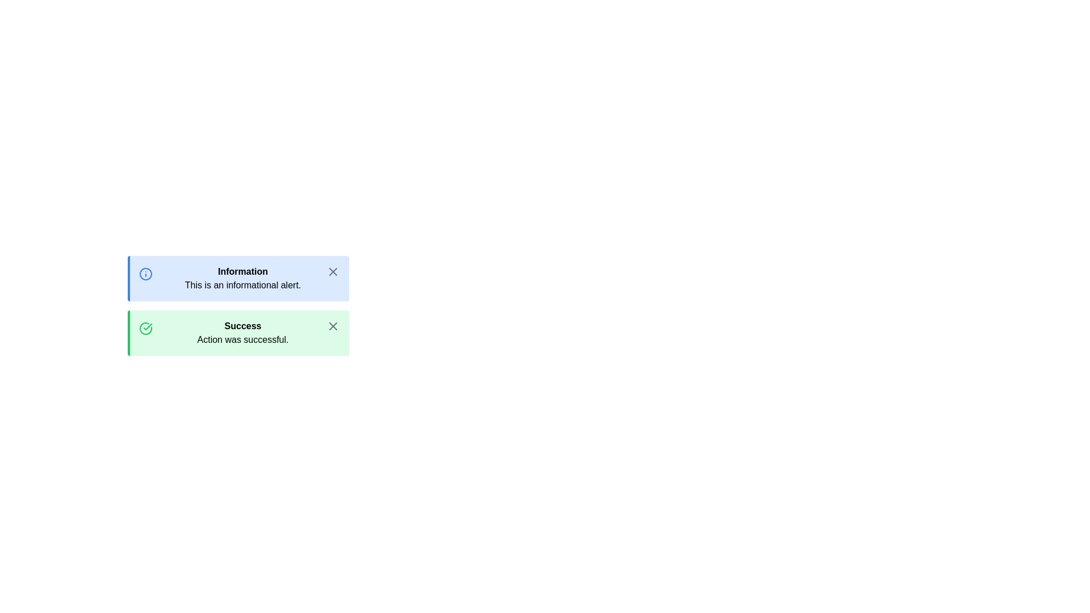 Image resolution: width=1090 pixels, height=613 pixels. Describe the element at coordinates (242, 278) in the screenshot. I see `text displayed in the textual display located in the topmost notification area, right of the icon and left of the dismissal button in the 'Info Alert' box` at that location.